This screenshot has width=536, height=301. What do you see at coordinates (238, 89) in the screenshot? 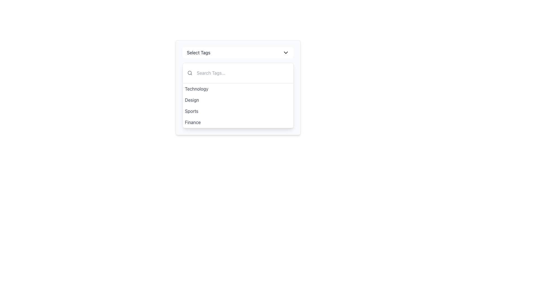
I see `the 'Technology' selectable list item in the 'Select Tags' dropdown menu` at bounding box center [238, 89].